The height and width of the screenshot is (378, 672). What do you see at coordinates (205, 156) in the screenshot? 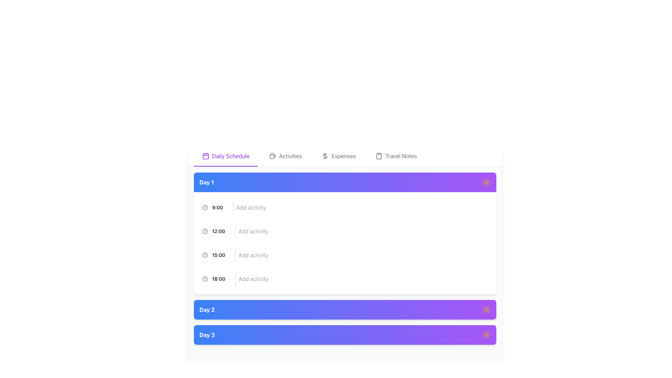
I see `Decorative SVG component located near the top center of the calendar icon for its properties in the DOM` at bounding box center [205, 156].